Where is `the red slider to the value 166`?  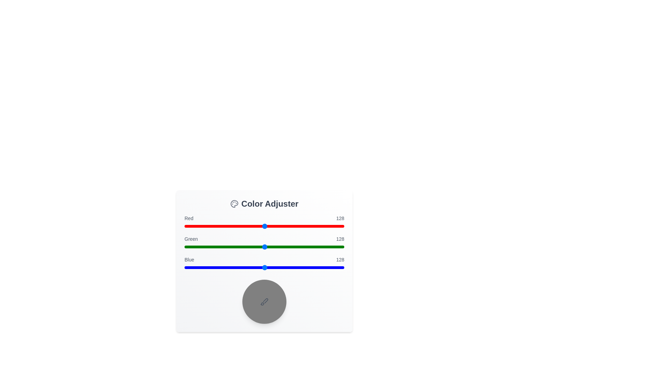
the red slider to the value 166 is located at coordinates (288, 226).